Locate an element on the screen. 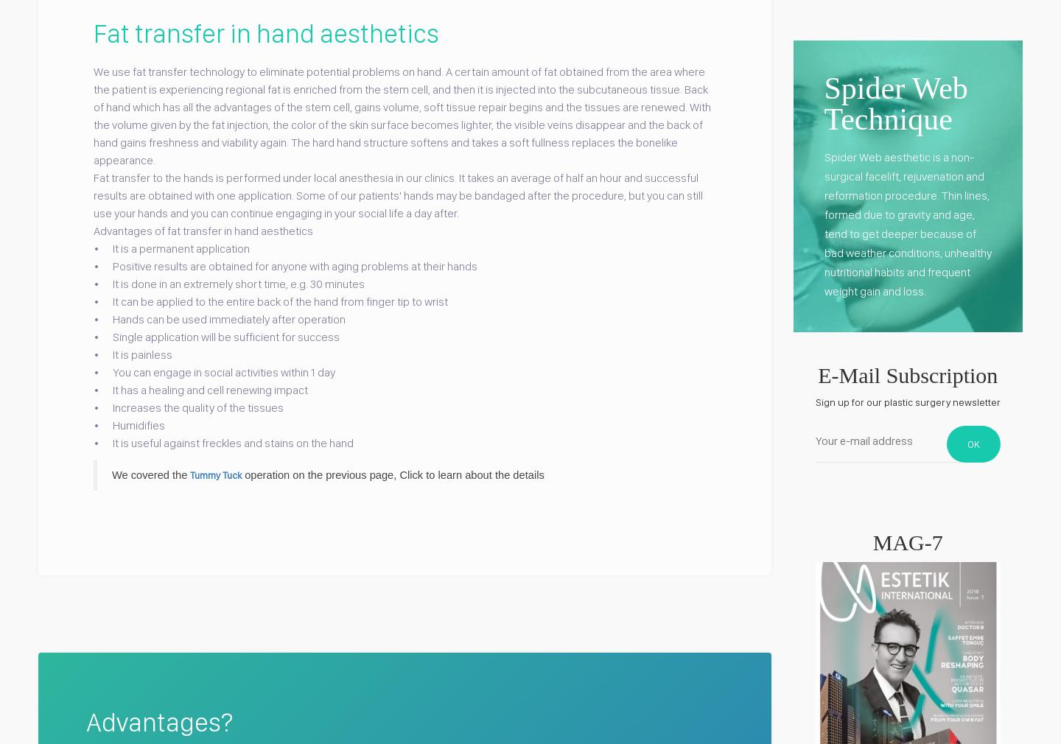  'We use fat transfer technology to eliminate potential problems on hand. A certain amount of fat obtained from the area where the patient is experiencing regional fat is enriched from the stem cell, and then it is injected into the subcutaneous tissue. Back of hand which has all the advantages of the stem cell, gains volume, soft tissue repair begins and the tissues are renewed. With the volume given by the fat injection, the color of the skin surface becomes lighter, the visible veins disappear and the back of hand gains freshness and viability again. The hard hand structure softens and takes a soft fullness replaces the bonelike appearance.' is located at coordinates (402, 114).